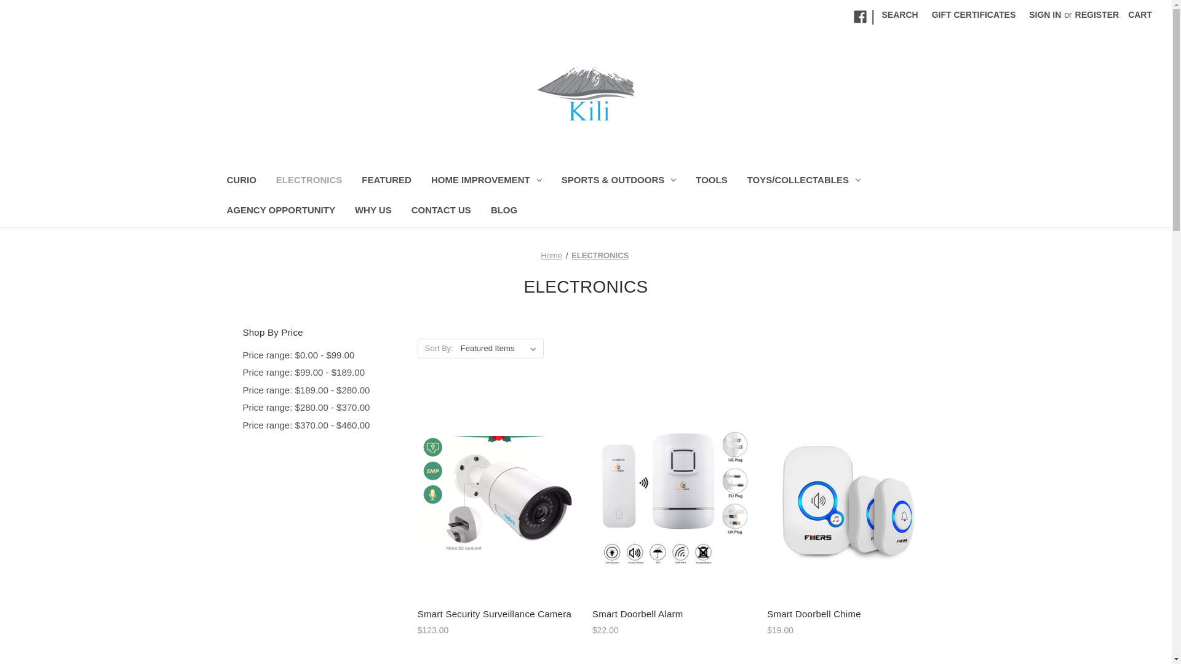 This screenshot has width=1181, height=664. I want to click on 'REGISTER', so click(1097, 15).